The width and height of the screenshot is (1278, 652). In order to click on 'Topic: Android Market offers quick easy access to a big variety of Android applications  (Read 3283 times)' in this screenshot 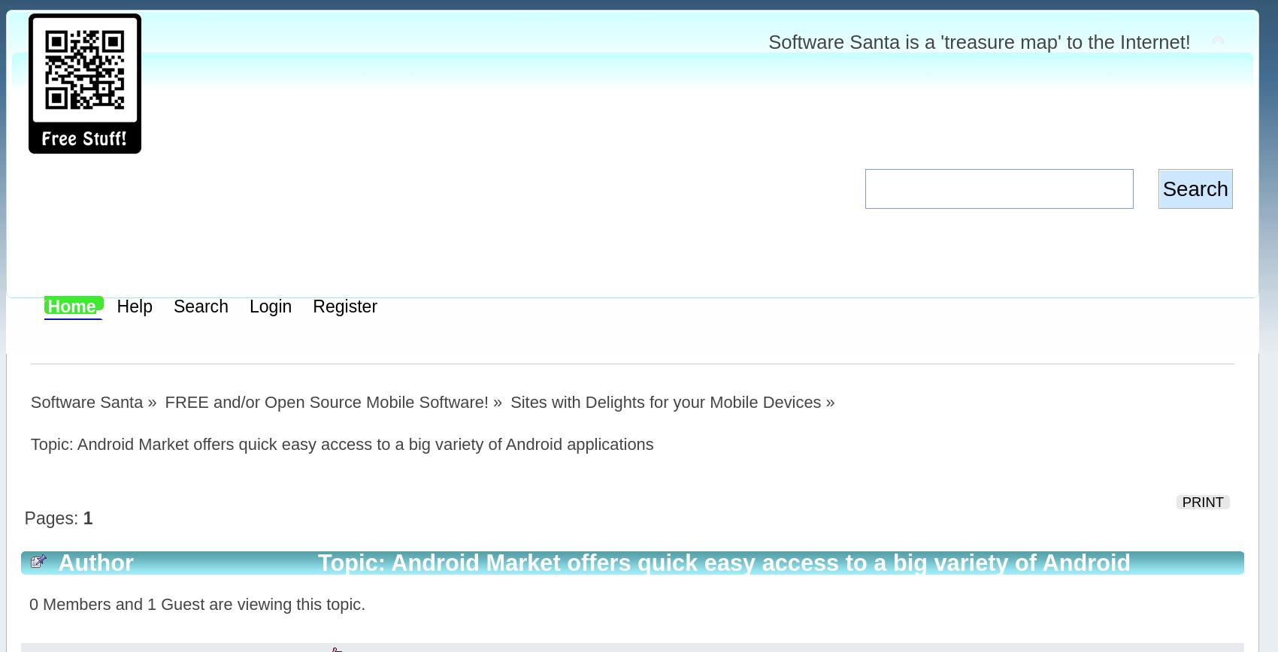, I will do `click(28, 574)`.